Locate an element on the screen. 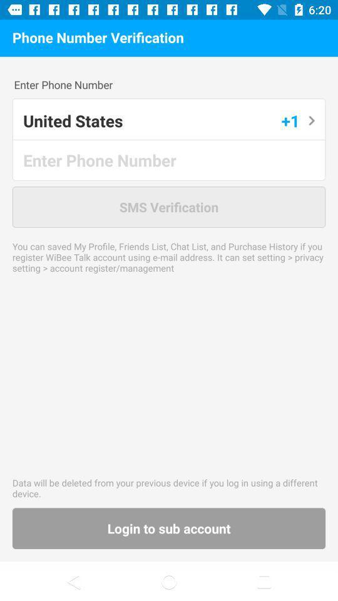 This screenshot has height=601, width=338. sms verification is located at coordinates (169, 207).